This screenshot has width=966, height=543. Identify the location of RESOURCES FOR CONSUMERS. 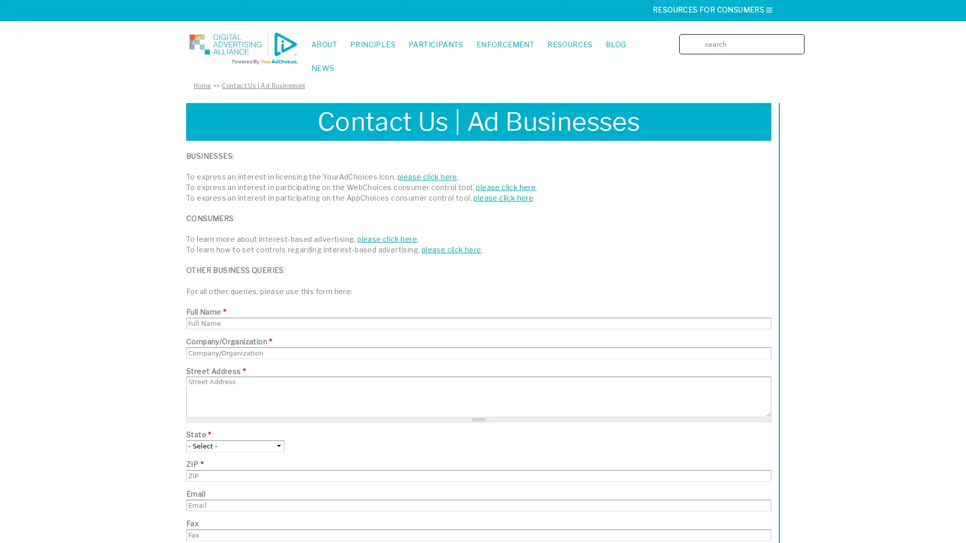
(712, 10).